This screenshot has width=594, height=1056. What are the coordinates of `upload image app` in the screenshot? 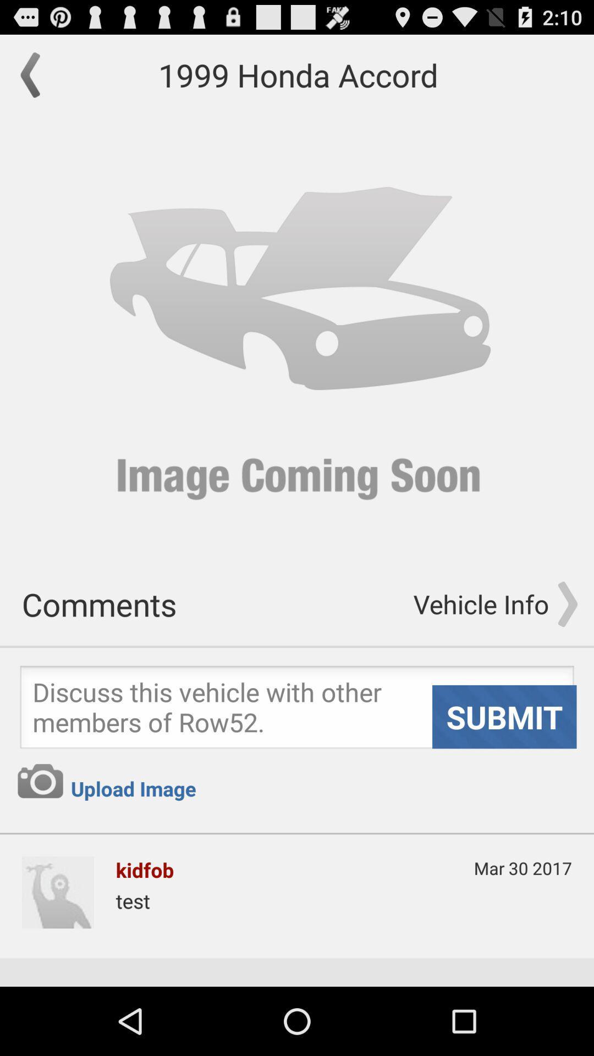 It's located at (133, 788).